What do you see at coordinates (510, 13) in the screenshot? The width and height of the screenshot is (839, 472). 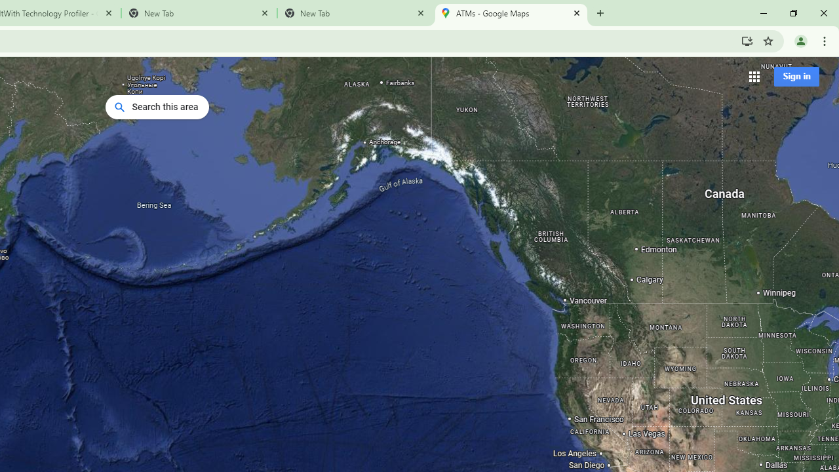 I see `'ATMs - Google Maps'` at bounding box center [510, 13].